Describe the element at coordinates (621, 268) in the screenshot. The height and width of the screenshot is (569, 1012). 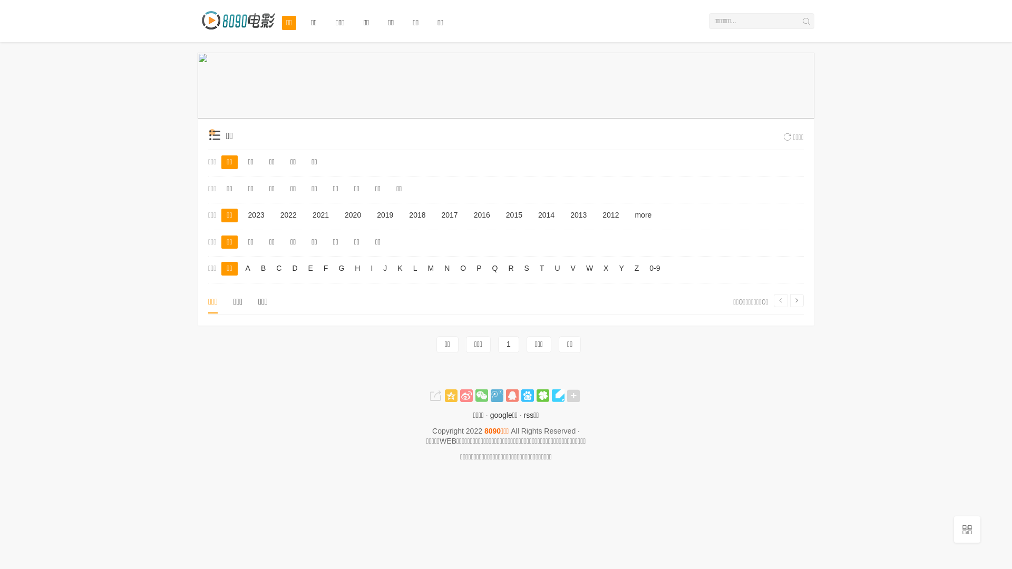
I see `'Y'` at that location.